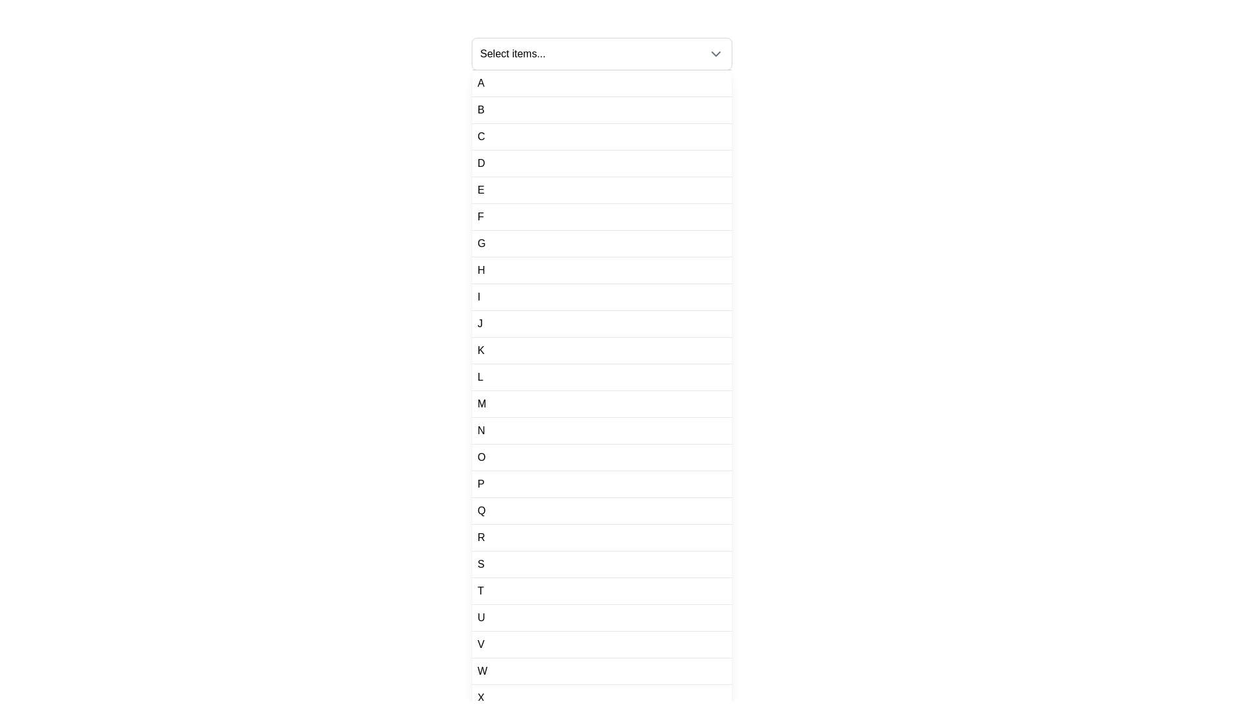 The height and width of the screenshot is (704, 1251). I want to click on the bold character 'C' in the vertically aligned list, so click(480, 136).